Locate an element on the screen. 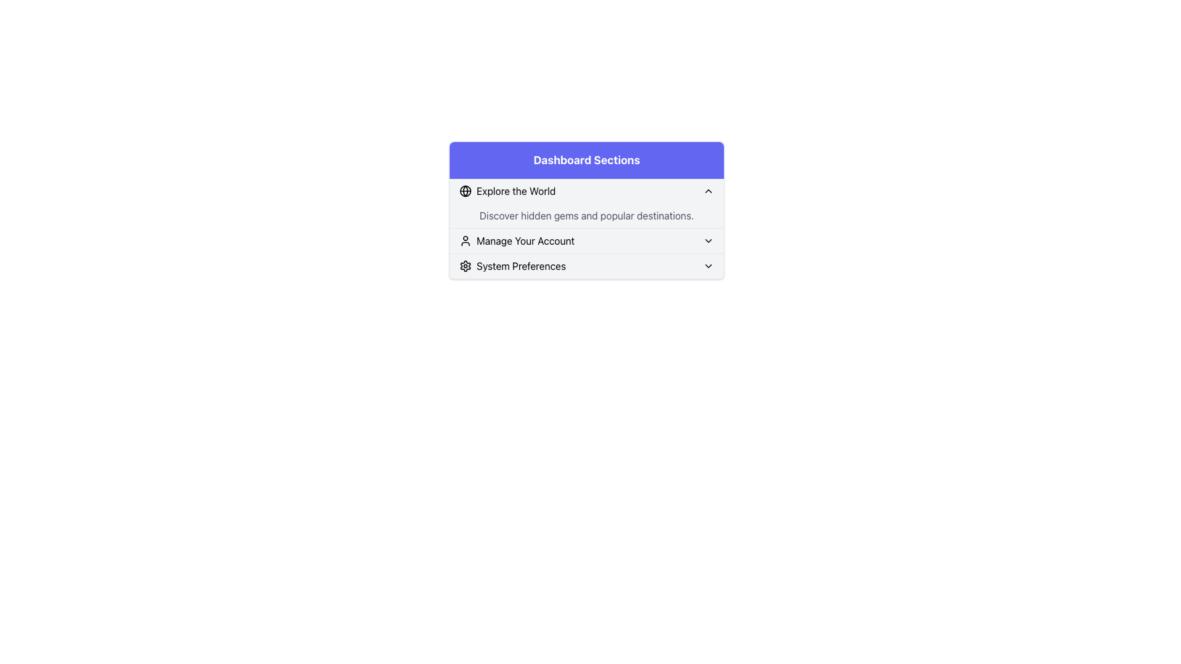  the 'Explore the World' header element, which consists of a text label and an icon is located at coordinates (507, 191).